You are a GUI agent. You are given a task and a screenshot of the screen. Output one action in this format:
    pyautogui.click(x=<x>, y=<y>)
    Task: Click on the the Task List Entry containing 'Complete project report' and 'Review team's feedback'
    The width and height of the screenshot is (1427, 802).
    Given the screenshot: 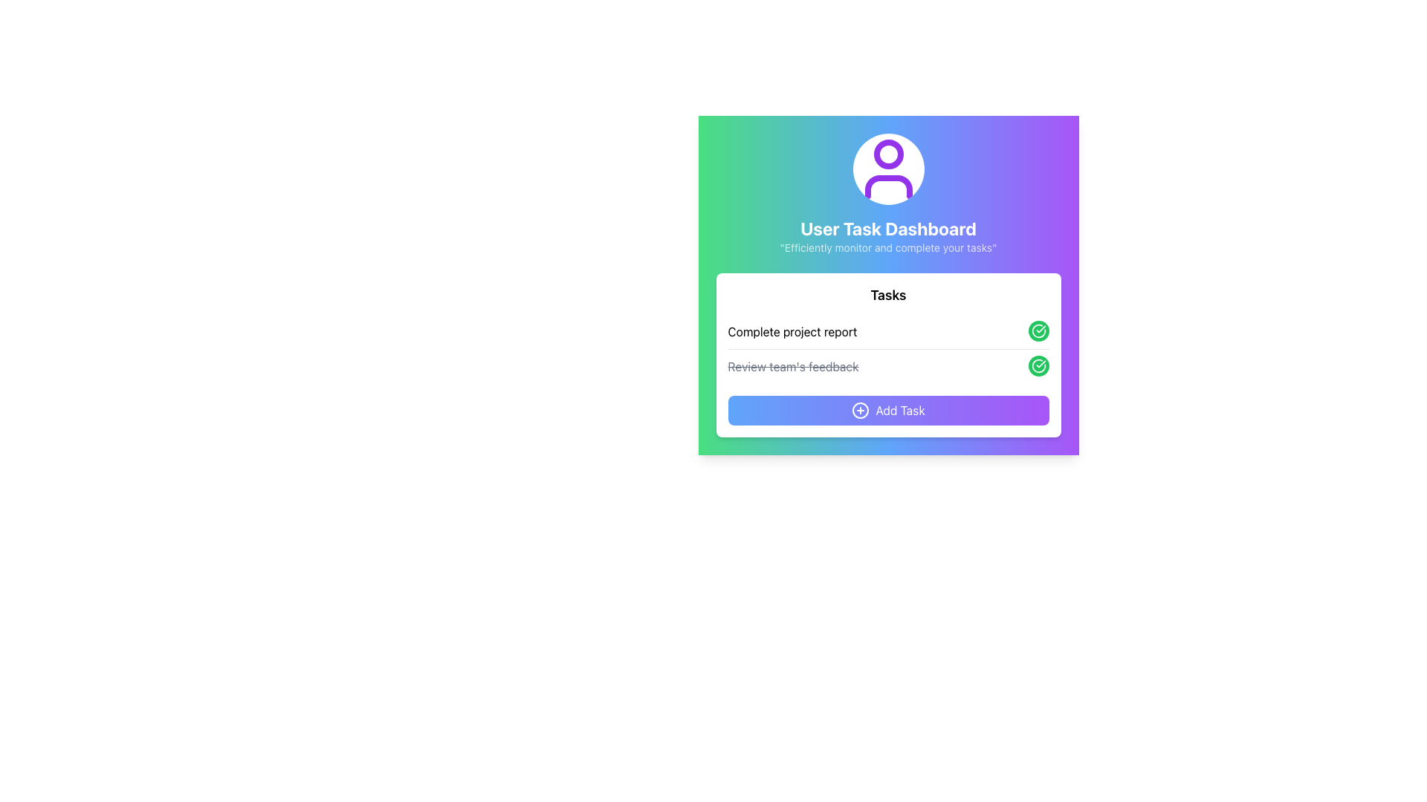 What is the action you would take?
    pyautogui.click(x=888, y=349)
    